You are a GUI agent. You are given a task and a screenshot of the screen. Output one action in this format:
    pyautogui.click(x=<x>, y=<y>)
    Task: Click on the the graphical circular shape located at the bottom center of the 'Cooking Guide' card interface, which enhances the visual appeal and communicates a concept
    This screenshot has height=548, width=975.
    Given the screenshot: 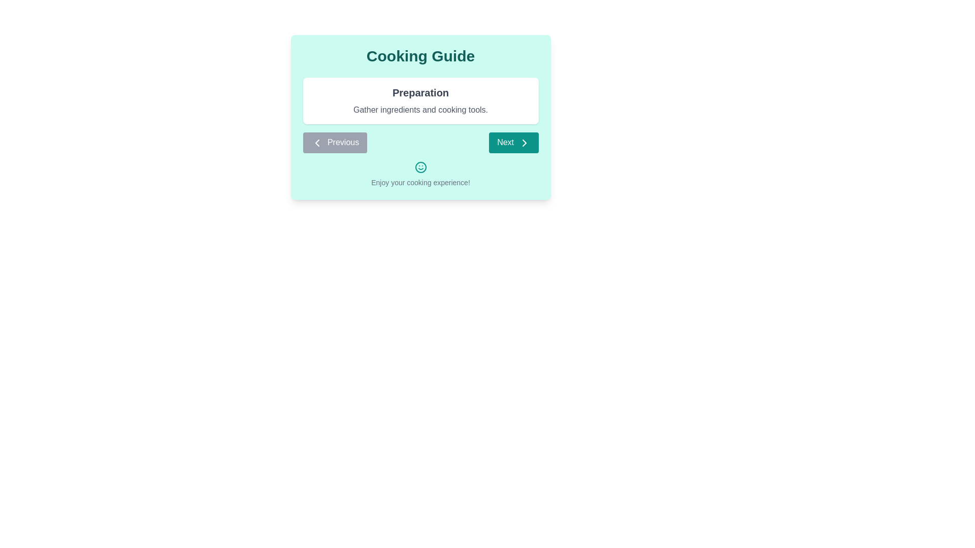 What is the action you would take?
    pyautogui.click(x=420, y=166)
    